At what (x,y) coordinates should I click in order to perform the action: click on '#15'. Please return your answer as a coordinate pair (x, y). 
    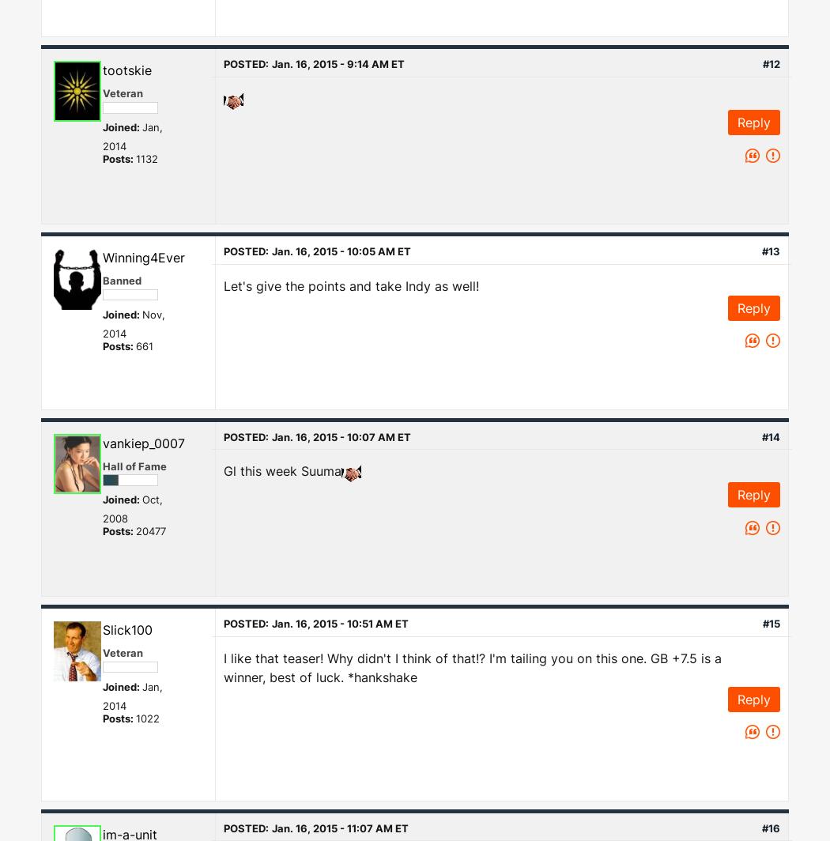
    Looking at the image, I should click on (771, 623).